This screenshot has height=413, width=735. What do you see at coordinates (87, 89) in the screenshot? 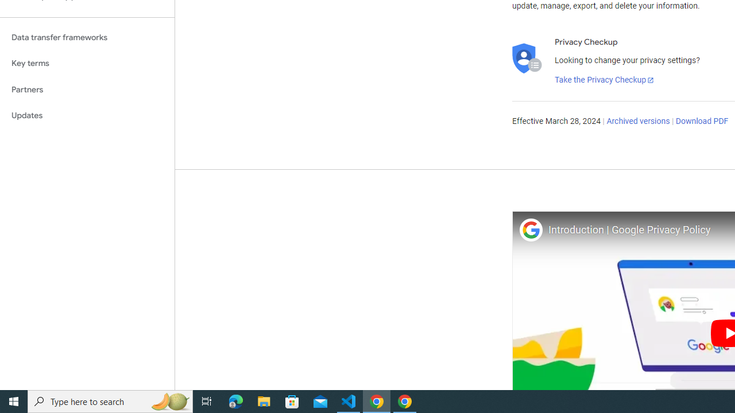
I see `'Partners'` at bounding box center [87, 89].